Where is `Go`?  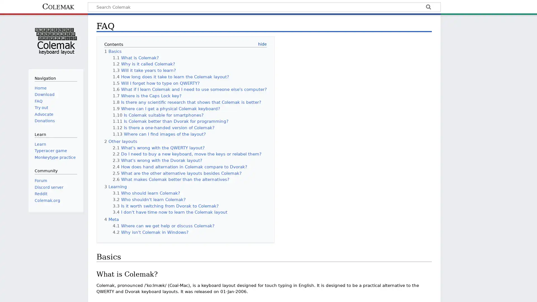
Go is located at coordinates (428, 8).